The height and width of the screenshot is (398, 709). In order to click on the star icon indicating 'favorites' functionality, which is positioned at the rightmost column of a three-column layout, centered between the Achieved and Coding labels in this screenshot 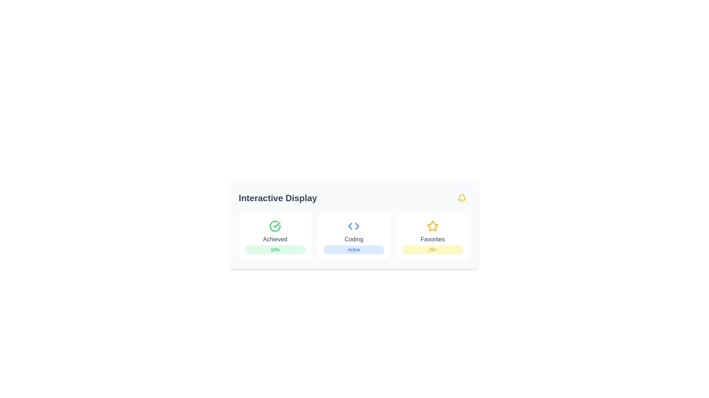, I will do `click(432, 226)`.